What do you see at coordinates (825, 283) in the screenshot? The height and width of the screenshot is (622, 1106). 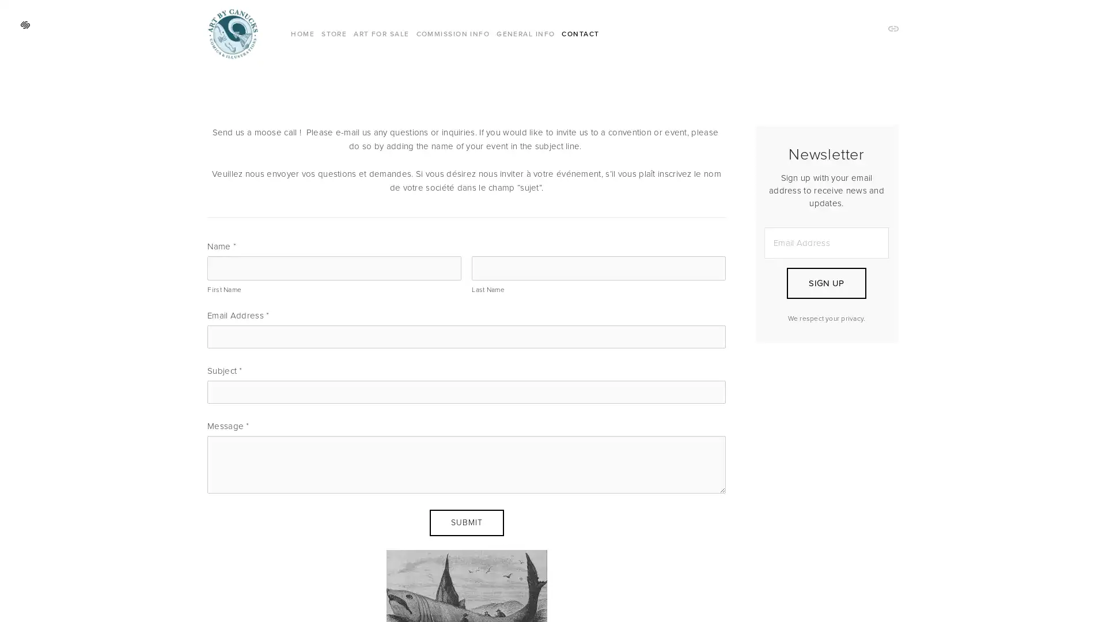 I see `SIGN UP` at bounding box center [825, 283].